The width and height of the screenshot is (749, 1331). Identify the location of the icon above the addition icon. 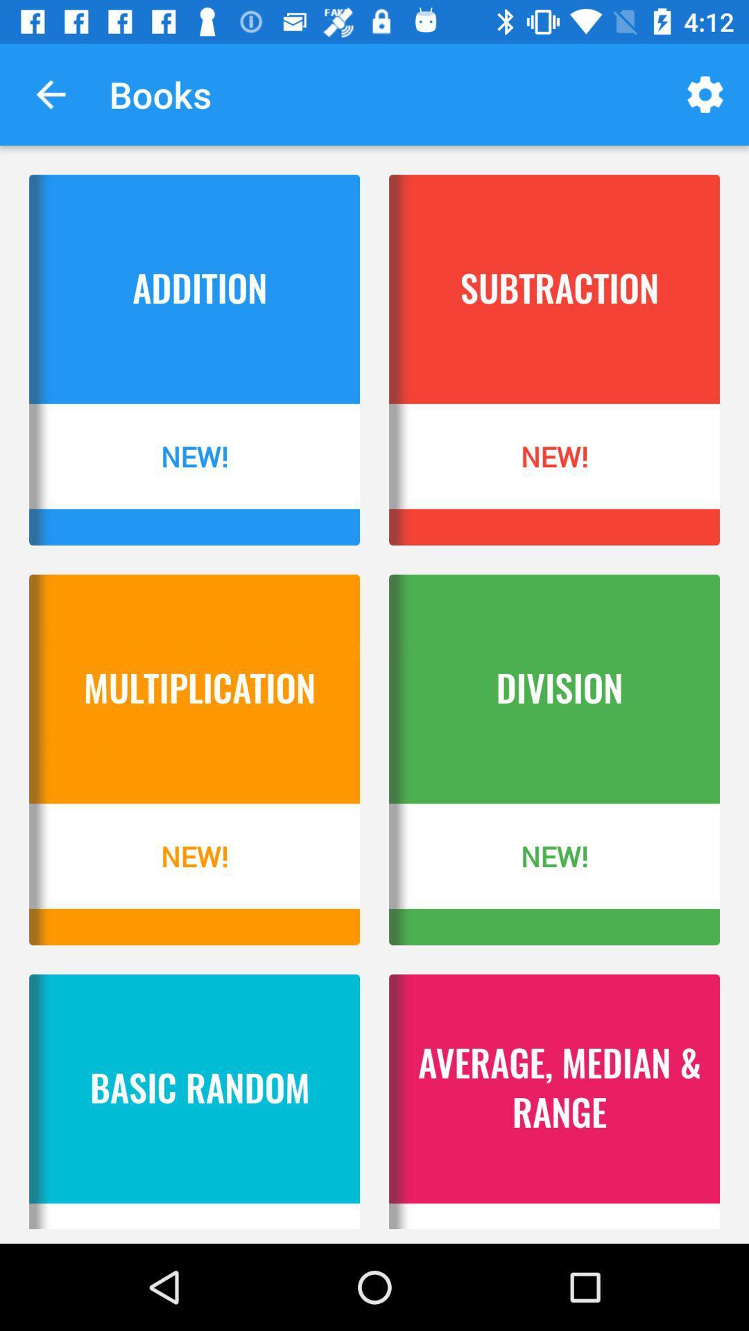
(50, 94).